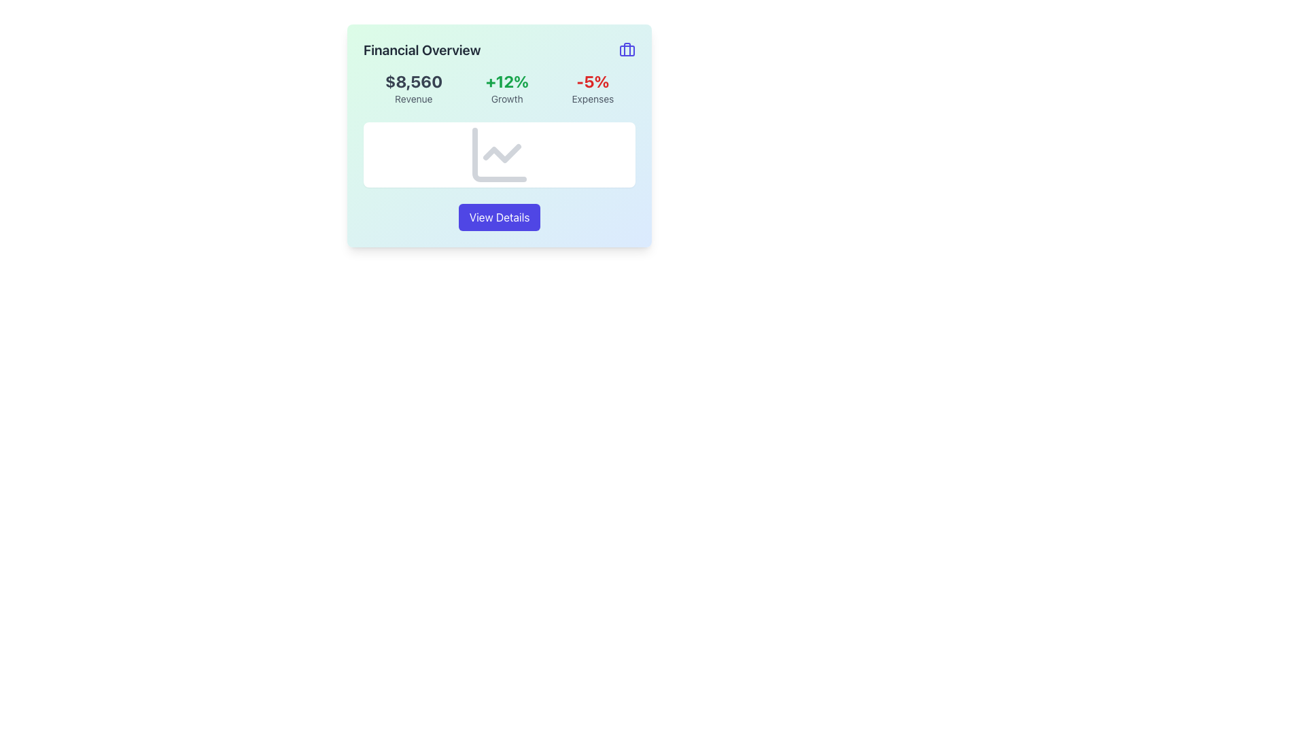  Describe the element at coordinates (502, 153) in the screenshot. I see `the Decorative SVG graphic that represents part of the line chart in the financial overview interface, located below the growth and revenue labels and above the 'View Details' button` at that location.